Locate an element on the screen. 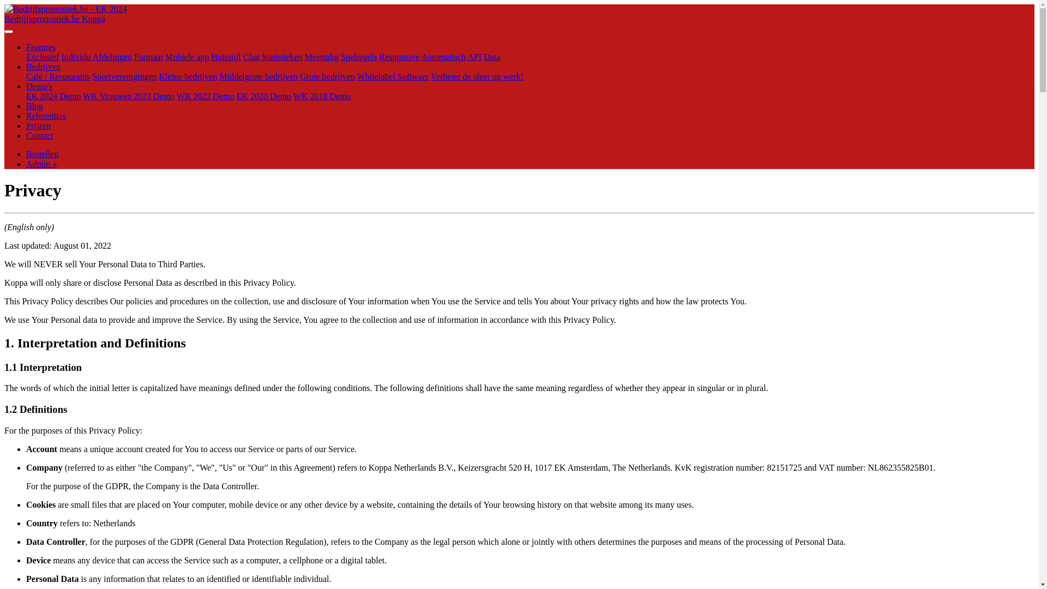 The width and height of the screenshot is (1047, 589). 'Prijzen' is located at coordinates (26, 125).